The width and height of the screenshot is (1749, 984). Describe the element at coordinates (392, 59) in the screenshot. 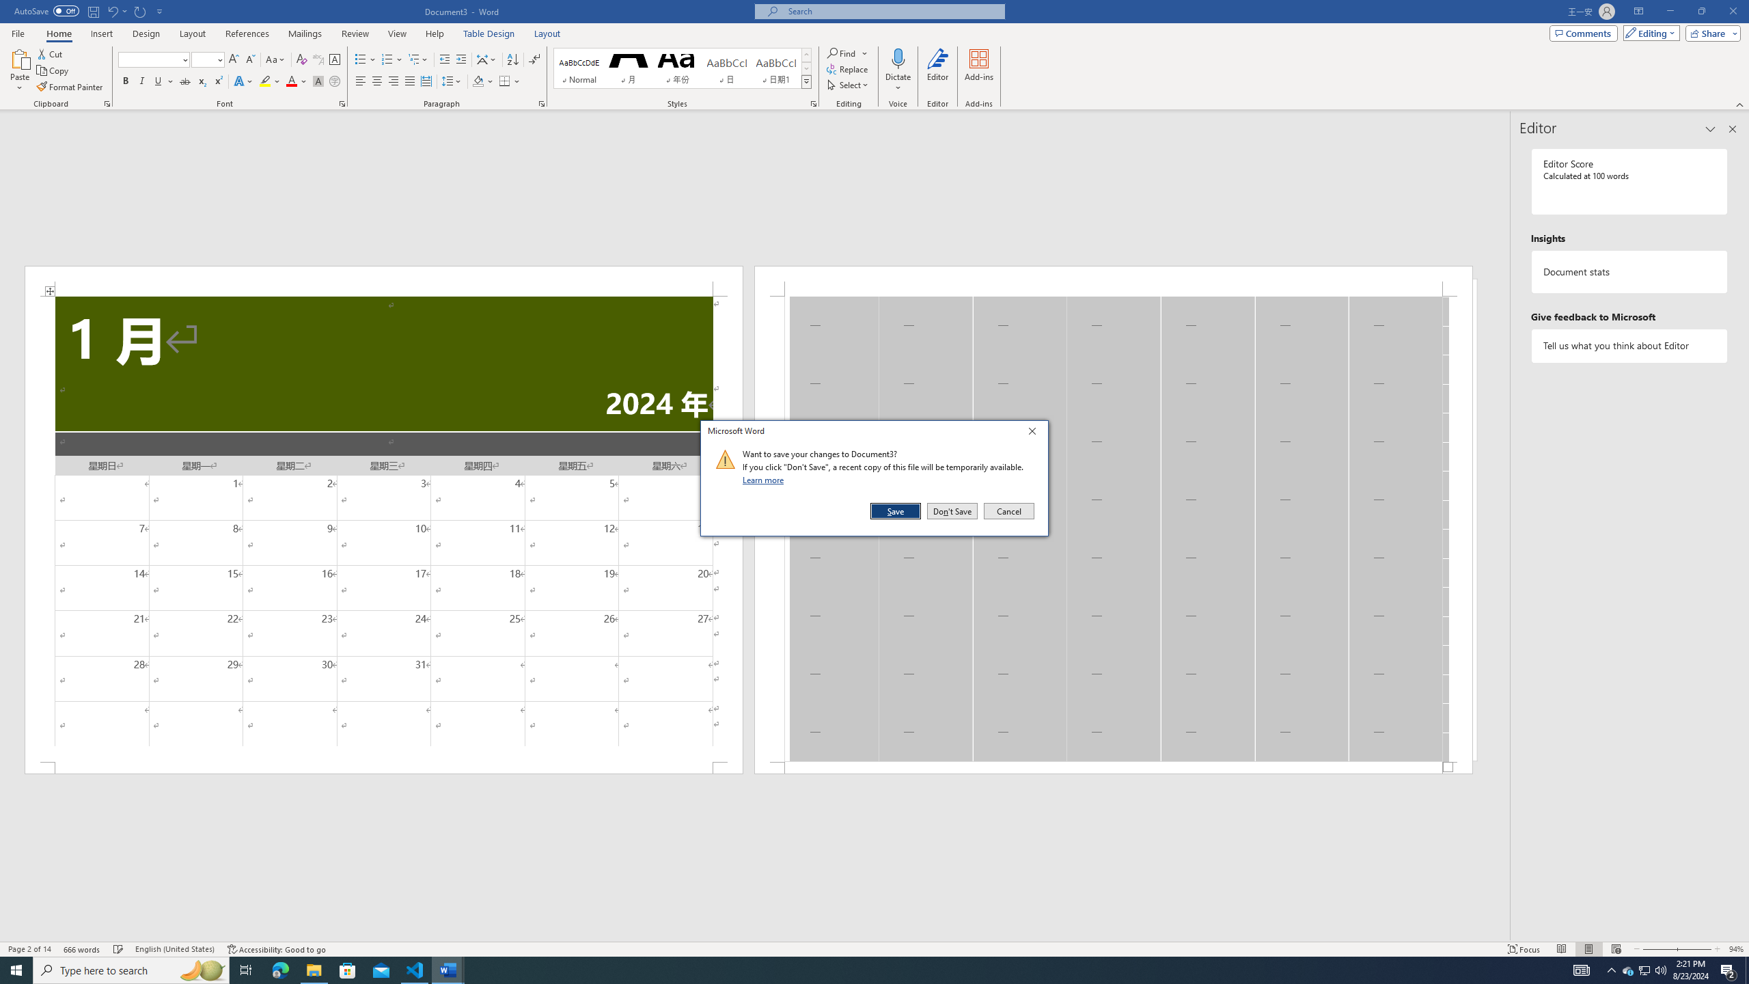

I see `'Numbering'` at that location.